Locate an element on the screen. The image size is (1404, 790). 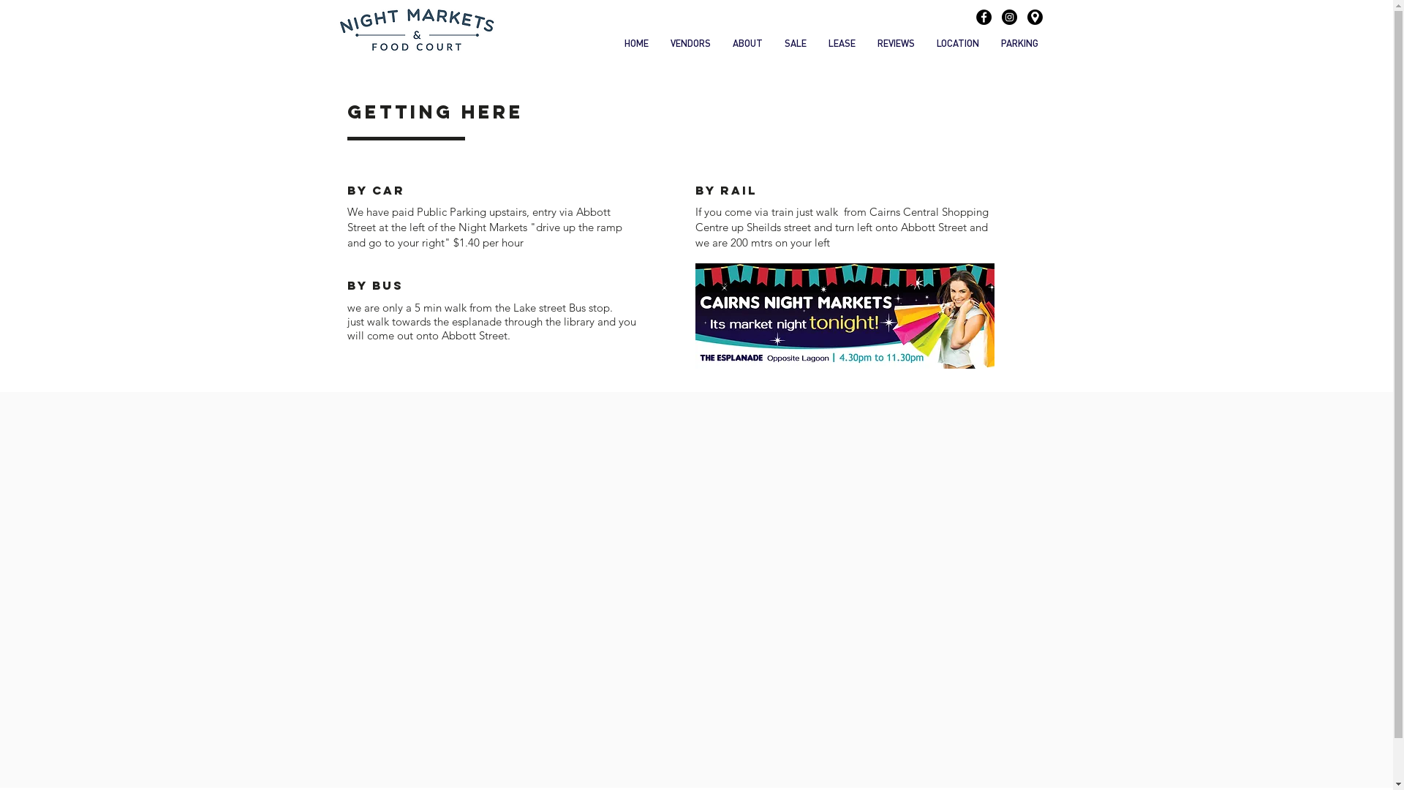
'SALE' is located at coordinates (795, 42).